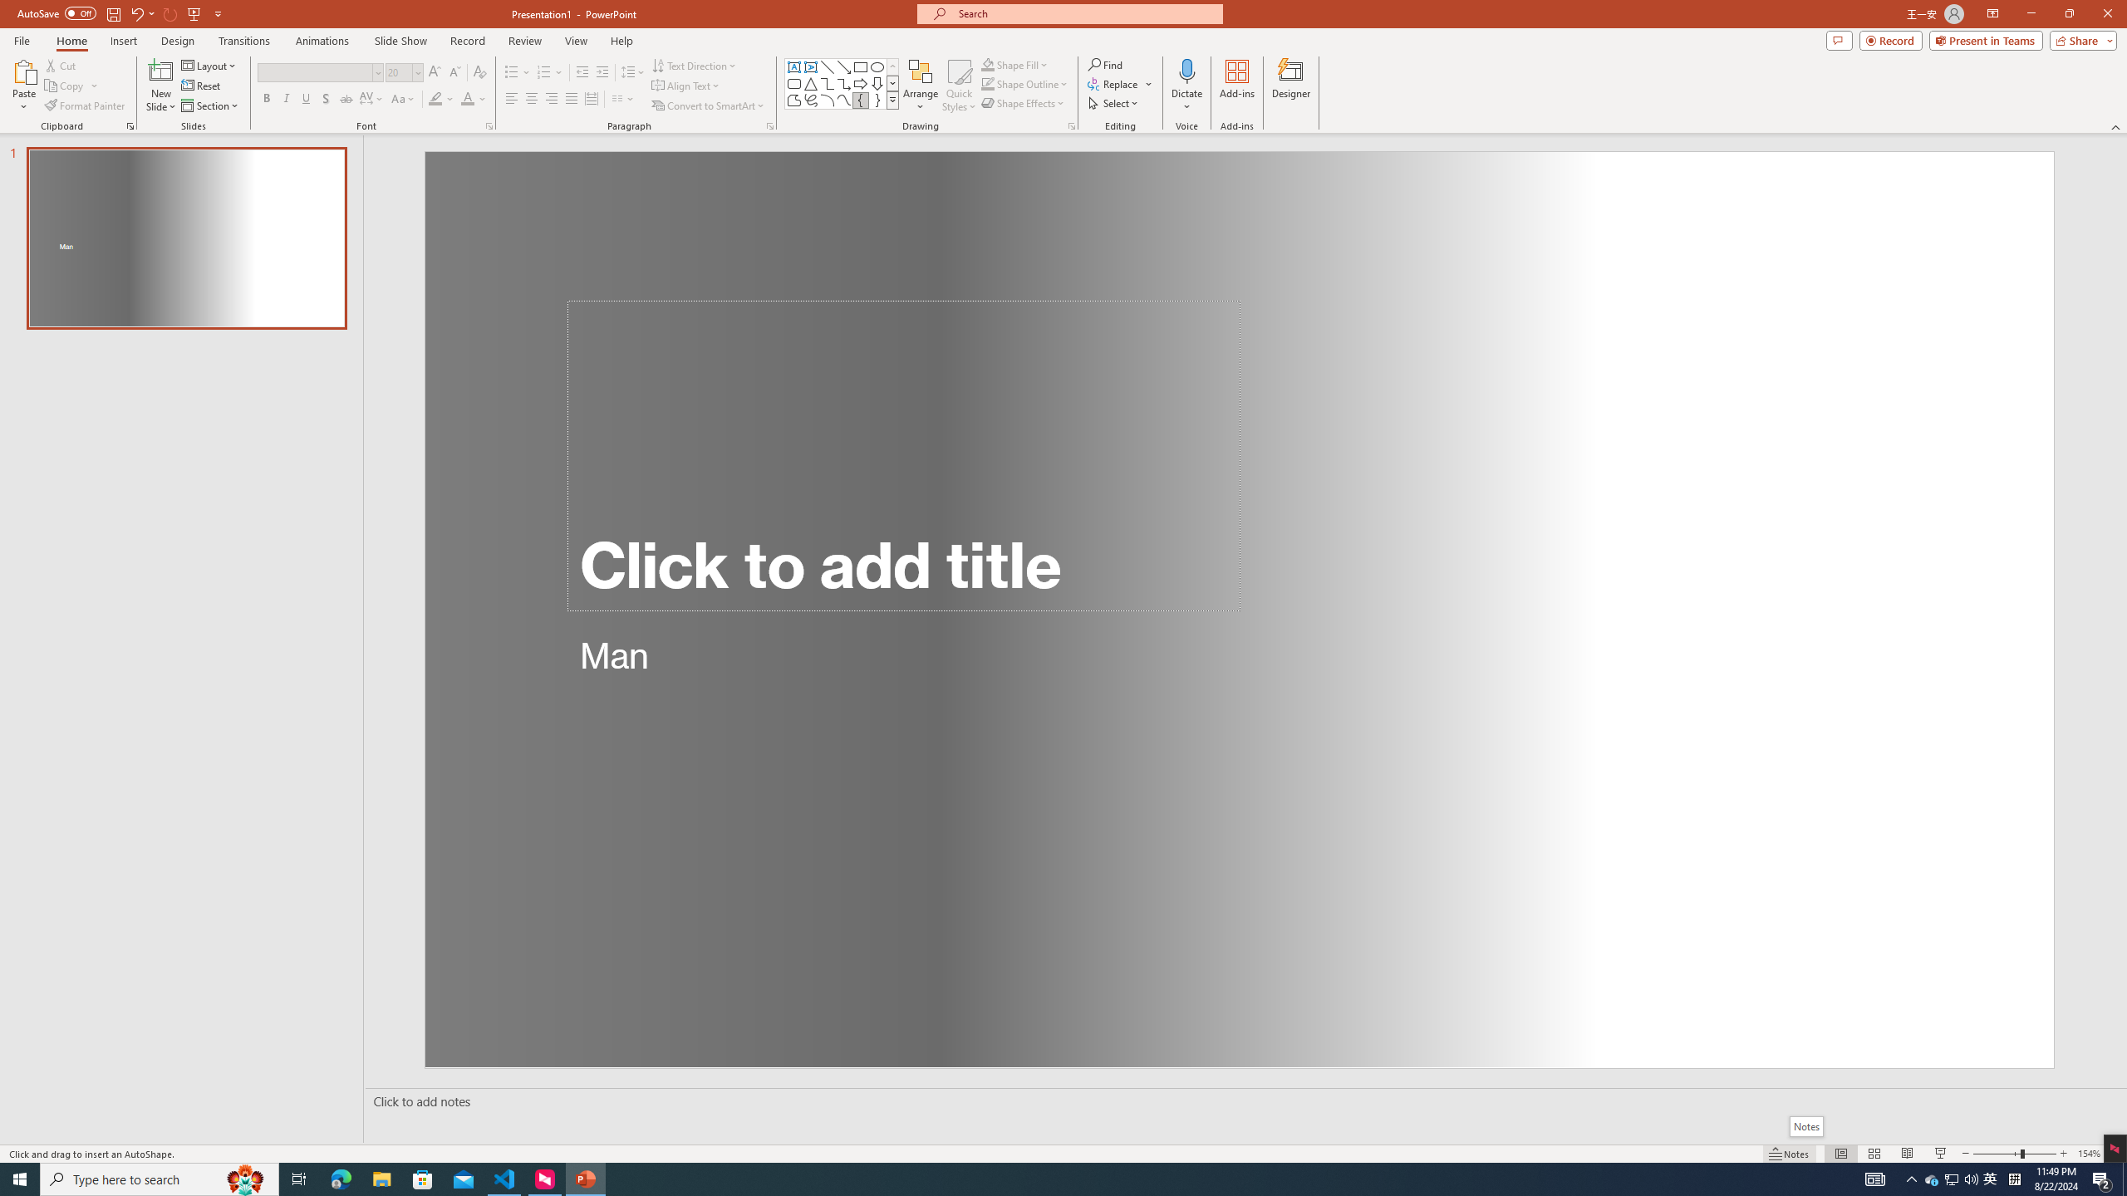 This screenshot has height=1196, width=2127. Describe the element at coordinates (877, 82) in the screenshot. I see `'Arrow: Down'` at that location.